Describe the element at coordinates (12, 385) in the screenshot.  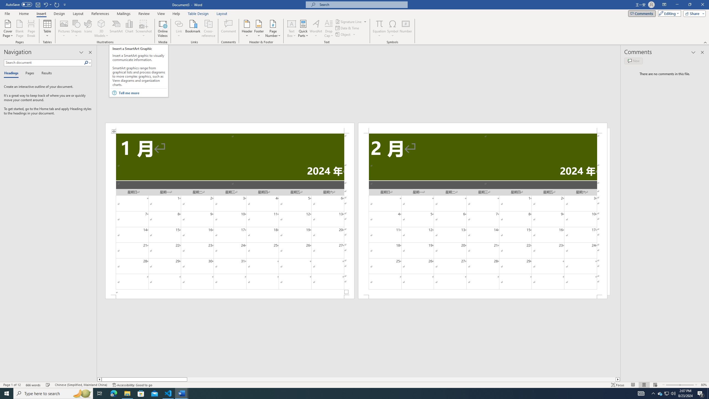
I see `'Page Number Page 1 of 12'` at that location.